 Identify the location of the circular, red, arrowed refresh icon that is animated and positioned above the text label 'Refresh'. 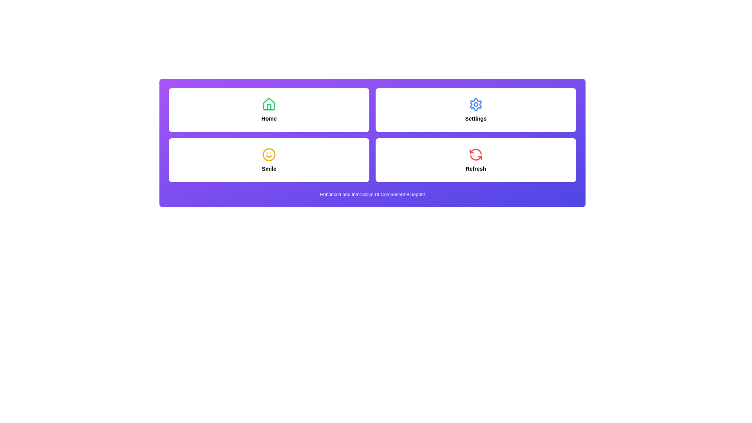
(475, 154).